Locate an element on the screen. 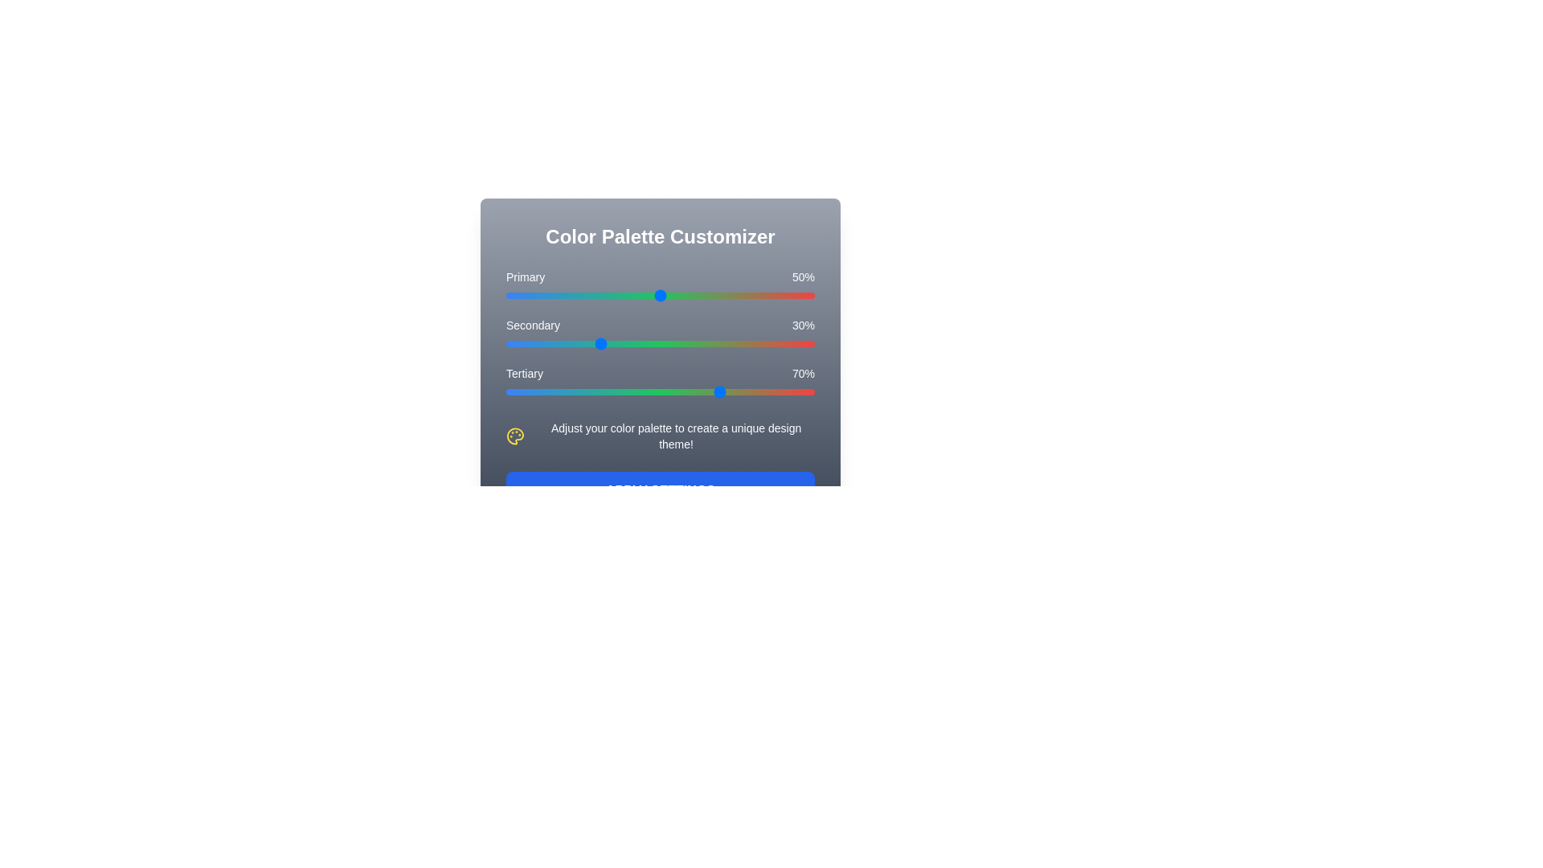 This screenshot has height=868, width=1543. the text label that describes the color customization category located in the upper section of the interface, positioned to the left of the percentage value ('50%') is located at coordinates (526, 276).